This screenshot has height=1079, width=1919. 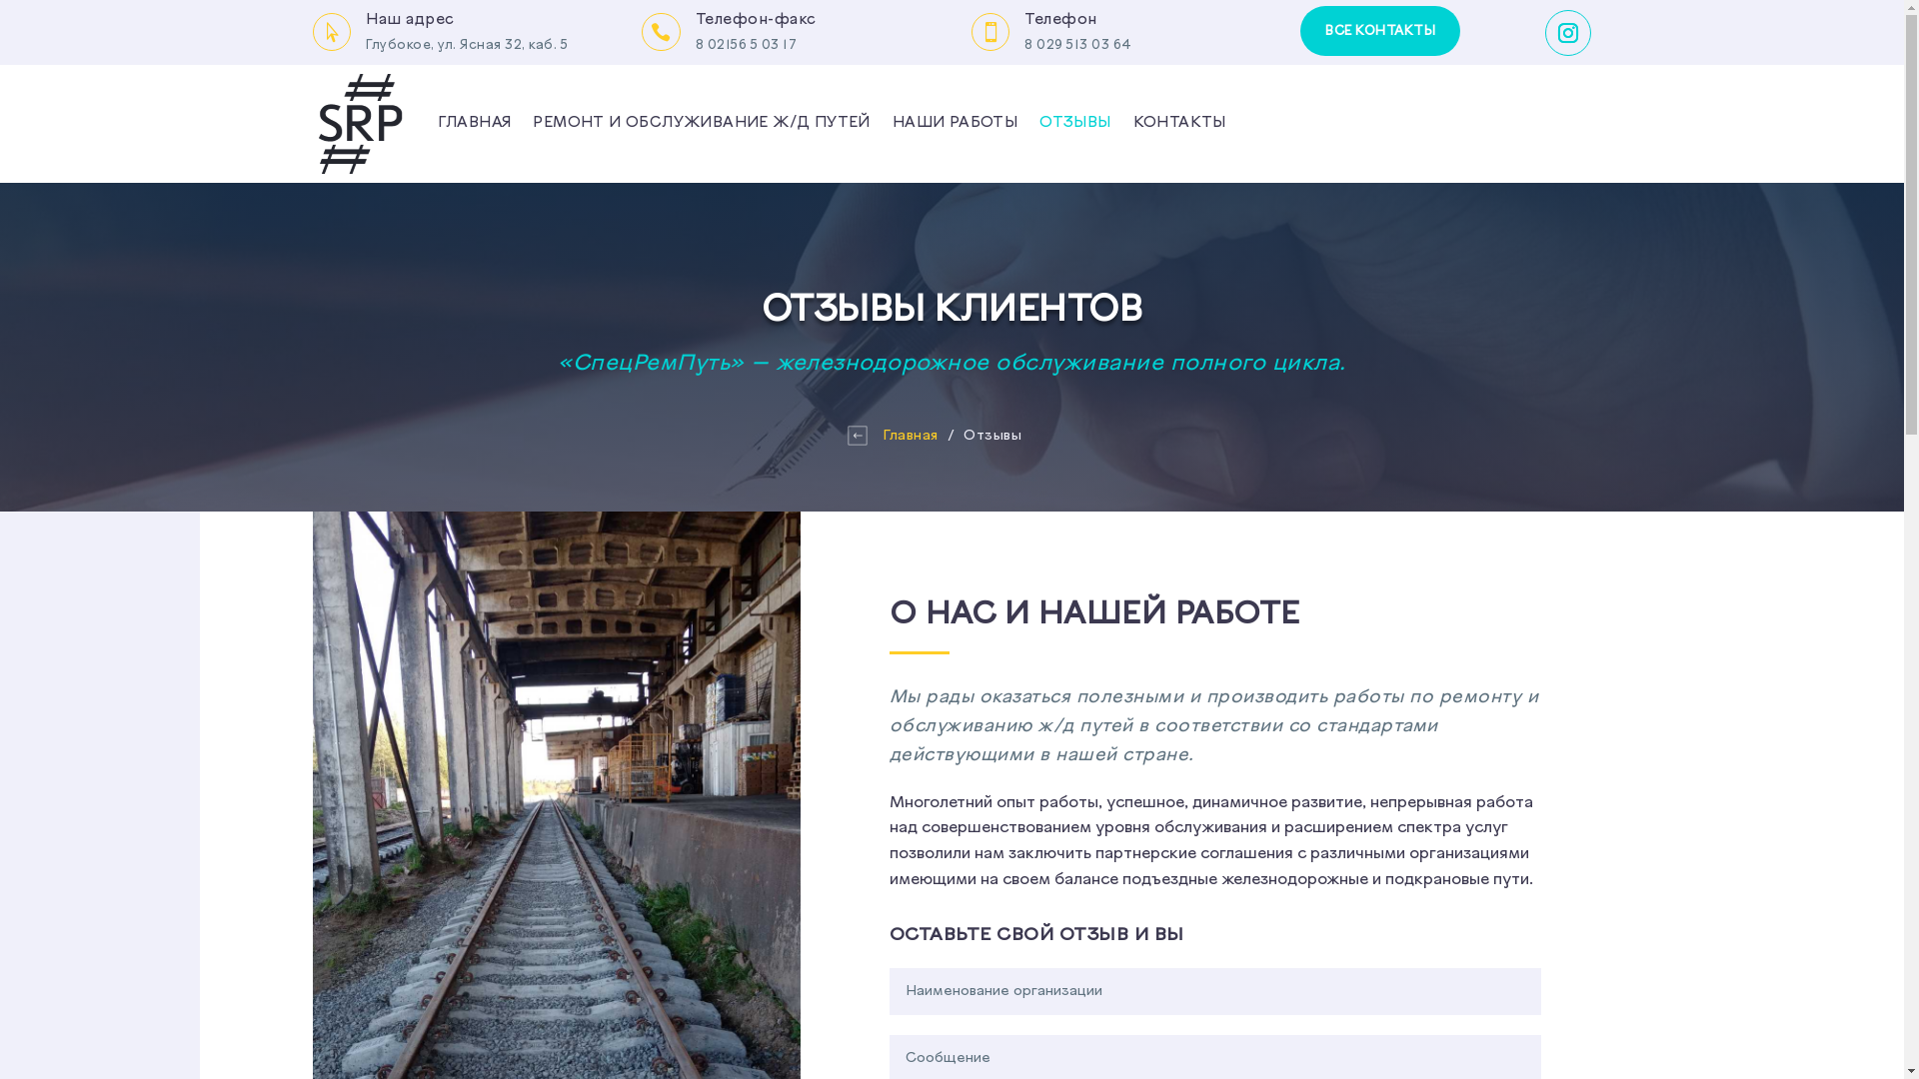 What do you see at coordinates (1077, 45) in the screenshot?
I see `'8 029 513 03 64'` at bounding box center [1077, 45].